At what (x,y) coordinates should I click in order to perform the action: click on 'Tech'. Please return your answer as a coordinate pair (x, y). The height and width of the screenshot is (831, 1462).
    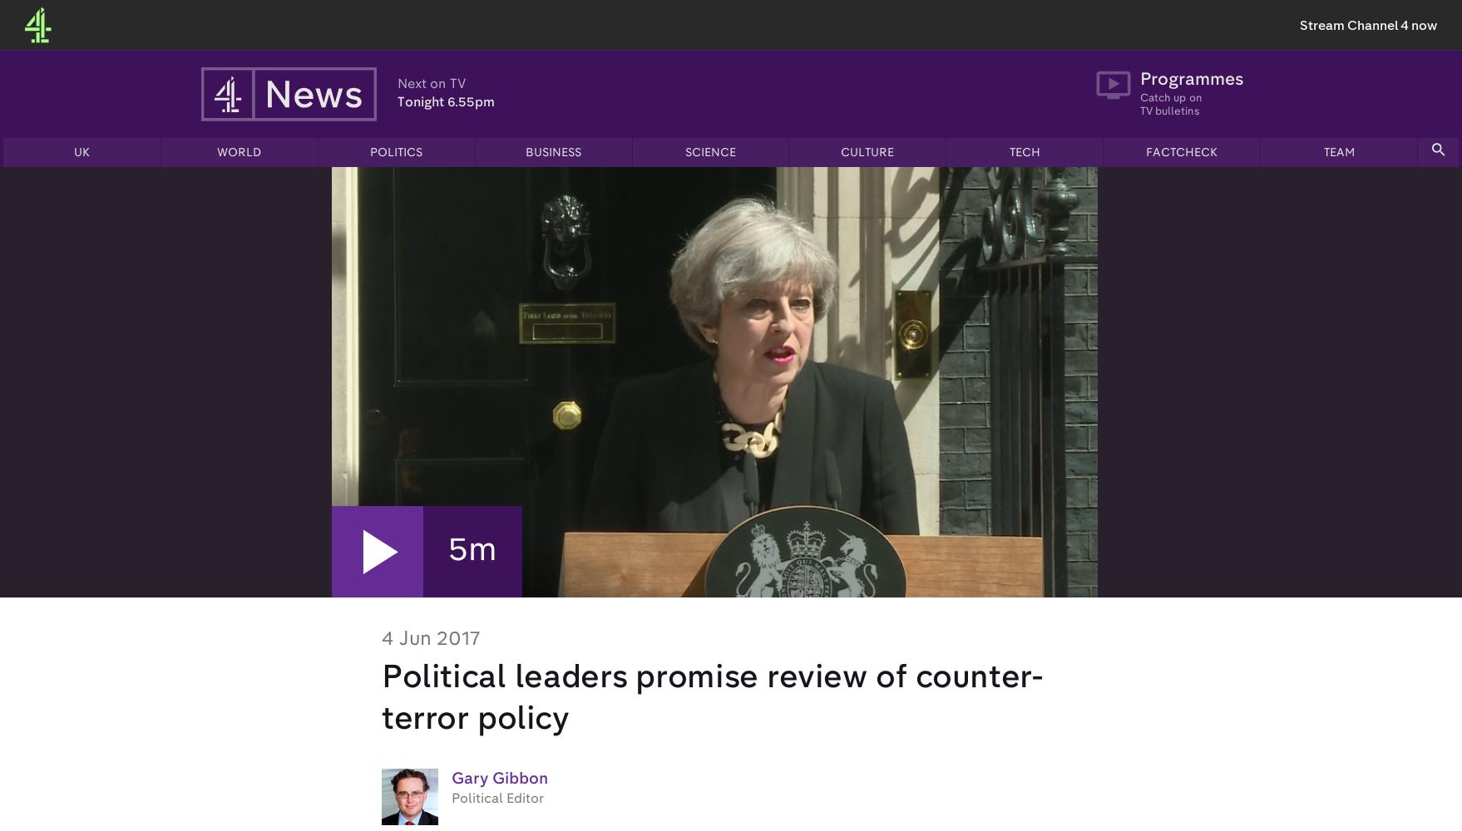
    Looking at the image, I should click on (1024, 153).